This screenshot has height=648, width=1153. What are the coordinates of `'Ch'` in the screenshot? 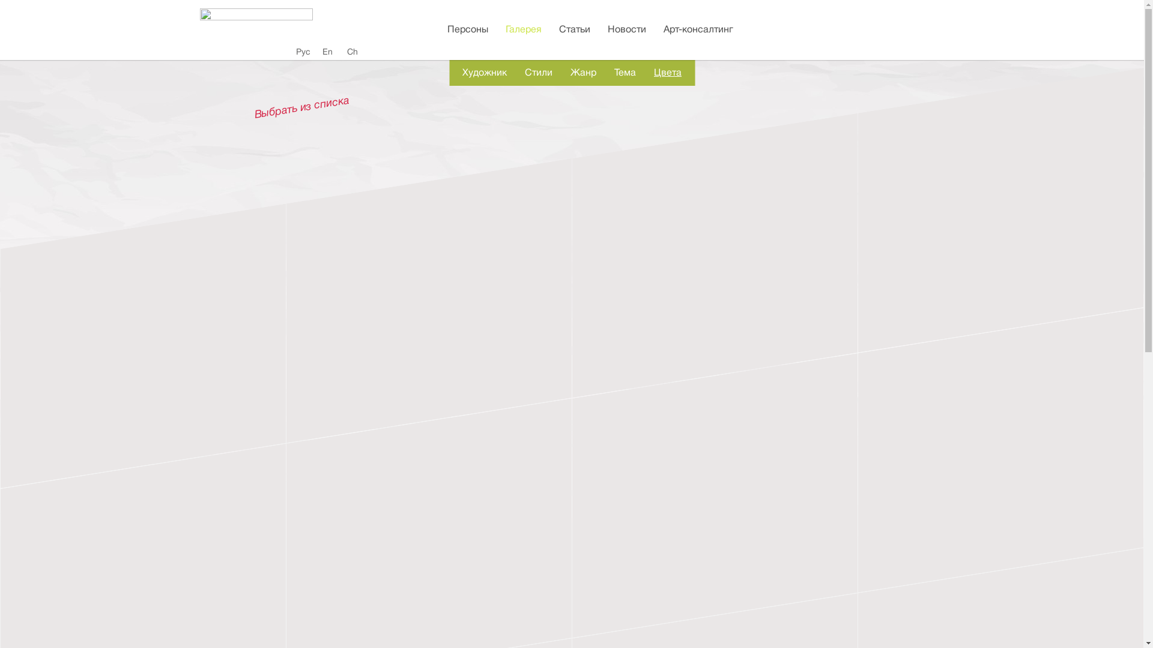 It's located at (342, 52).